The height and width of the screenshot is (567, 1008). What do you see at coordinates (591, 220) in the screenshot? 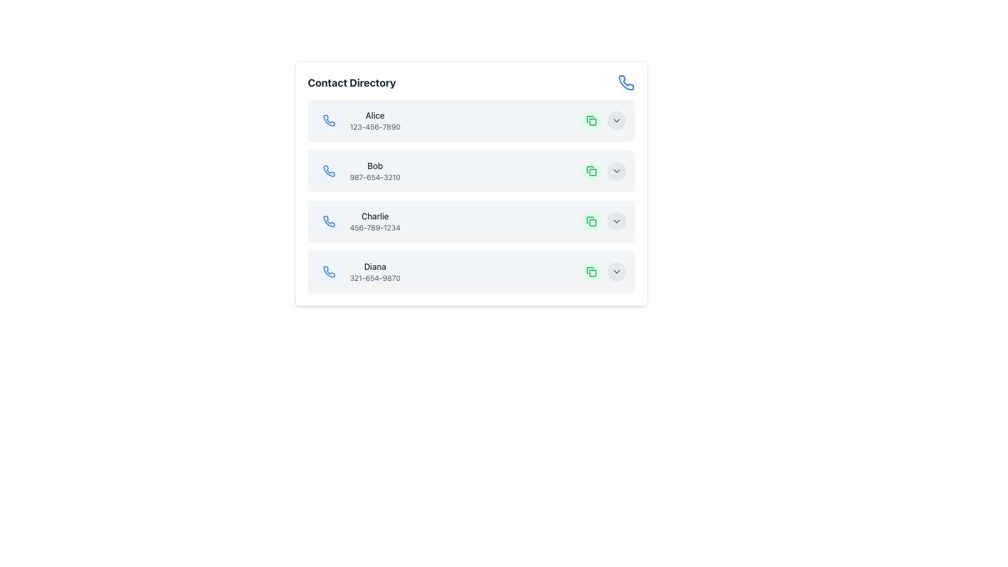
I see `the circular green copy button next to the contact named 'Charlie'` at bounding box center [591, 220].